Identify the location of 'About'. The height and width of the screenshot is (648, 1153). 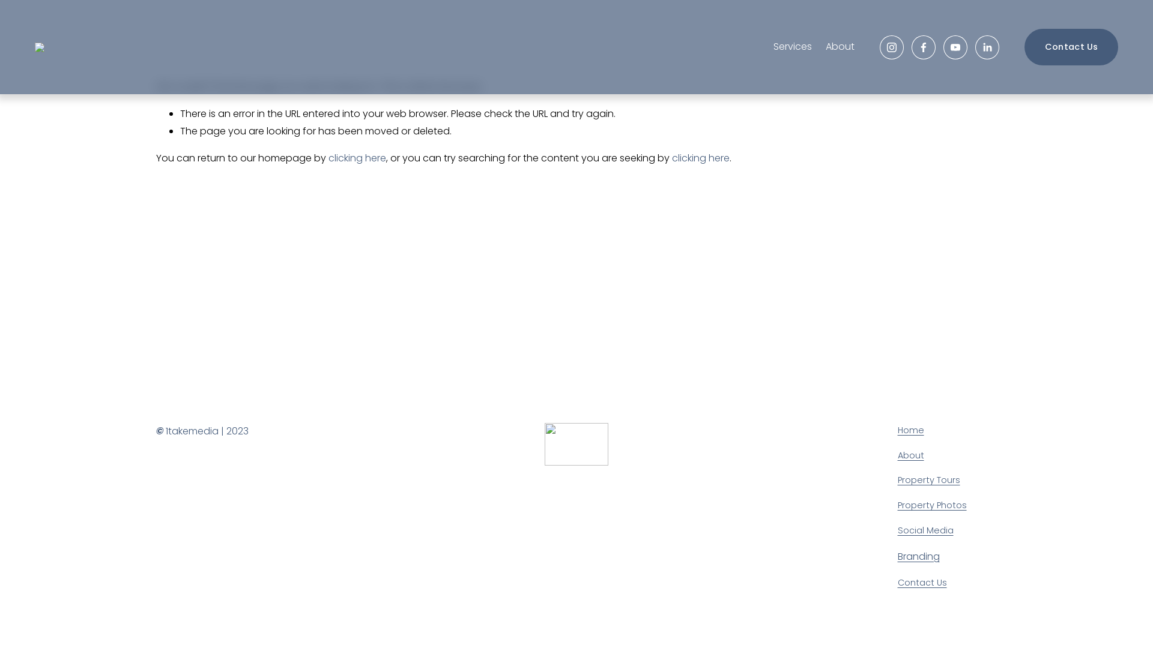
(825, 46).